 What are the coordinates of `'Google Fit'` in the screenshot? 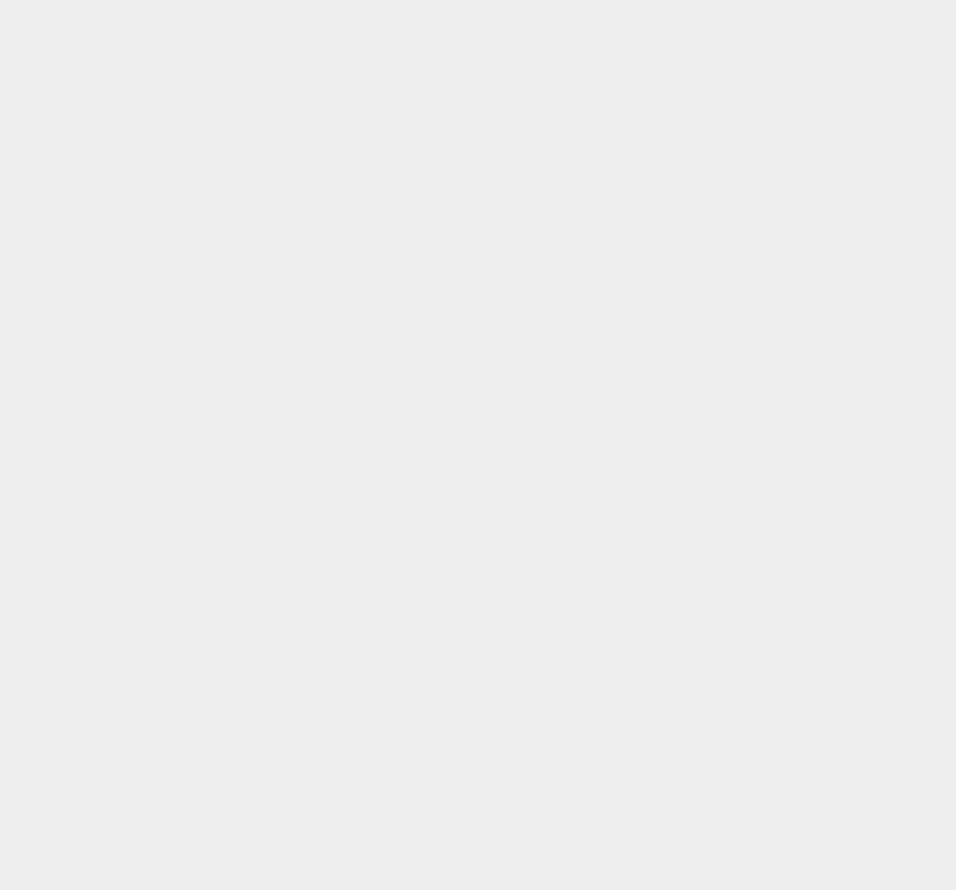 It's located at (701, 288).